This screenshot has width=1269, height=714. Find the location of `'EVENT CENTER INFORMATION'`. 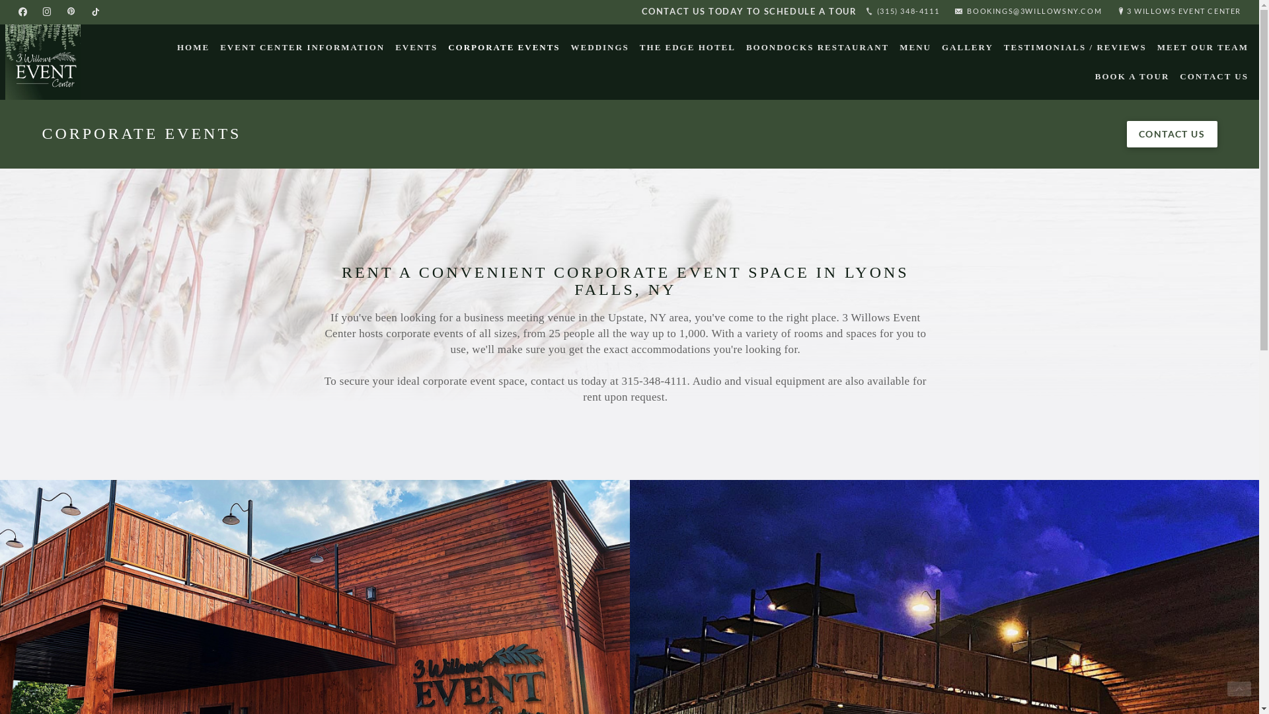

'EVENT CENTER INFORMATION' is located at coordinates (301, 47).